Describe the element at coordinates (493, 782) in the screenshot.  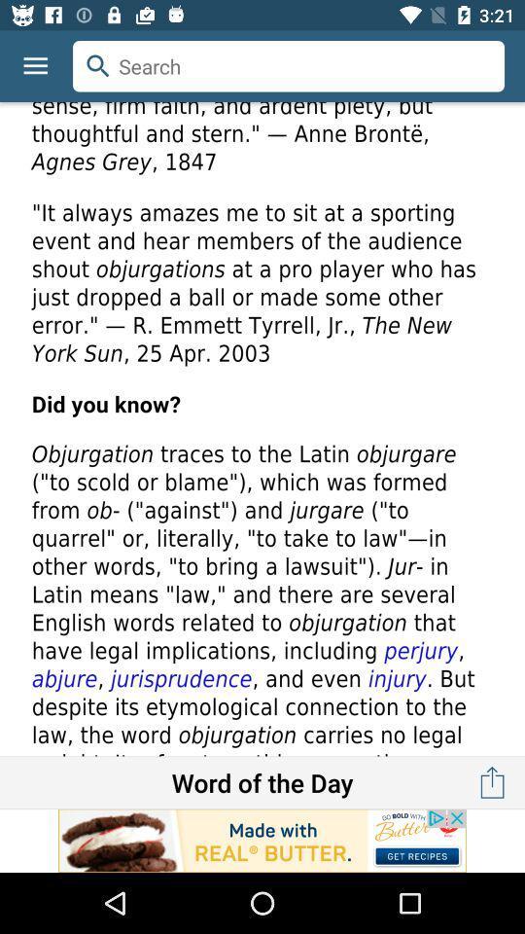
I see `the launch icon` at that location.